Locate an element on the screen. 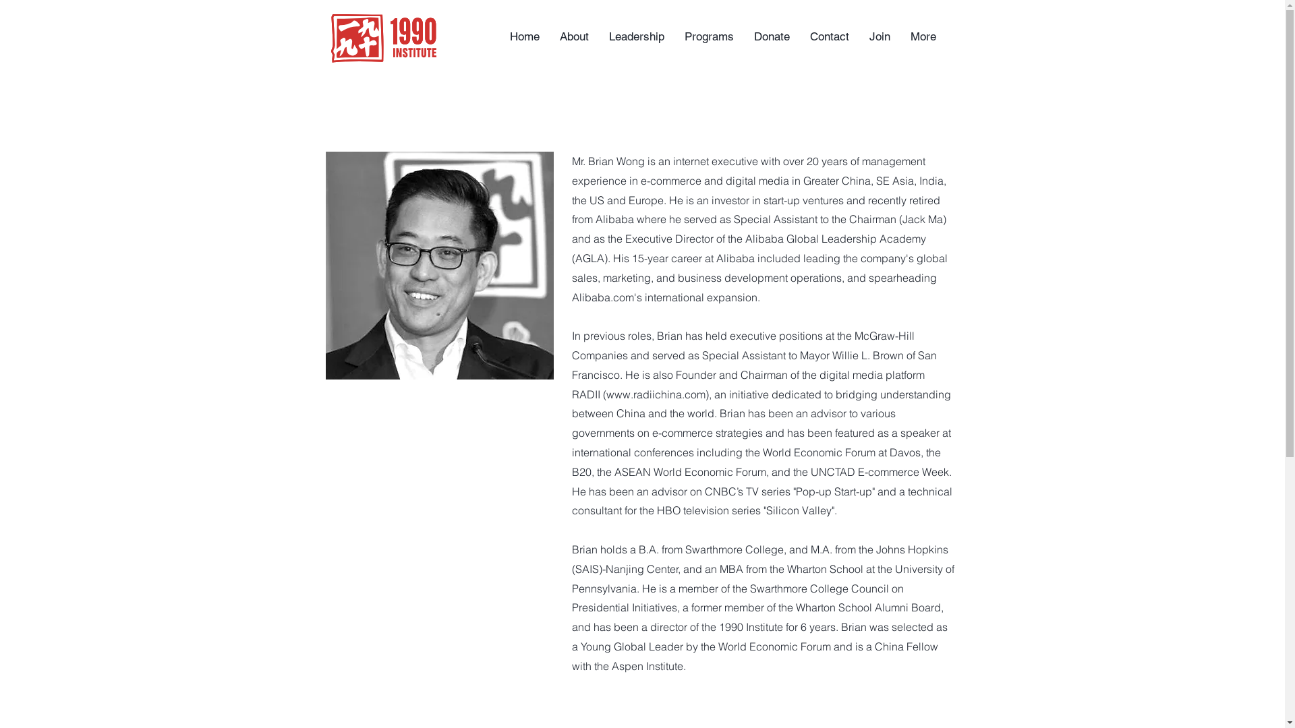 This screenshot has width=1295, height=728. 'Home' is located at coordinates (523, 36).